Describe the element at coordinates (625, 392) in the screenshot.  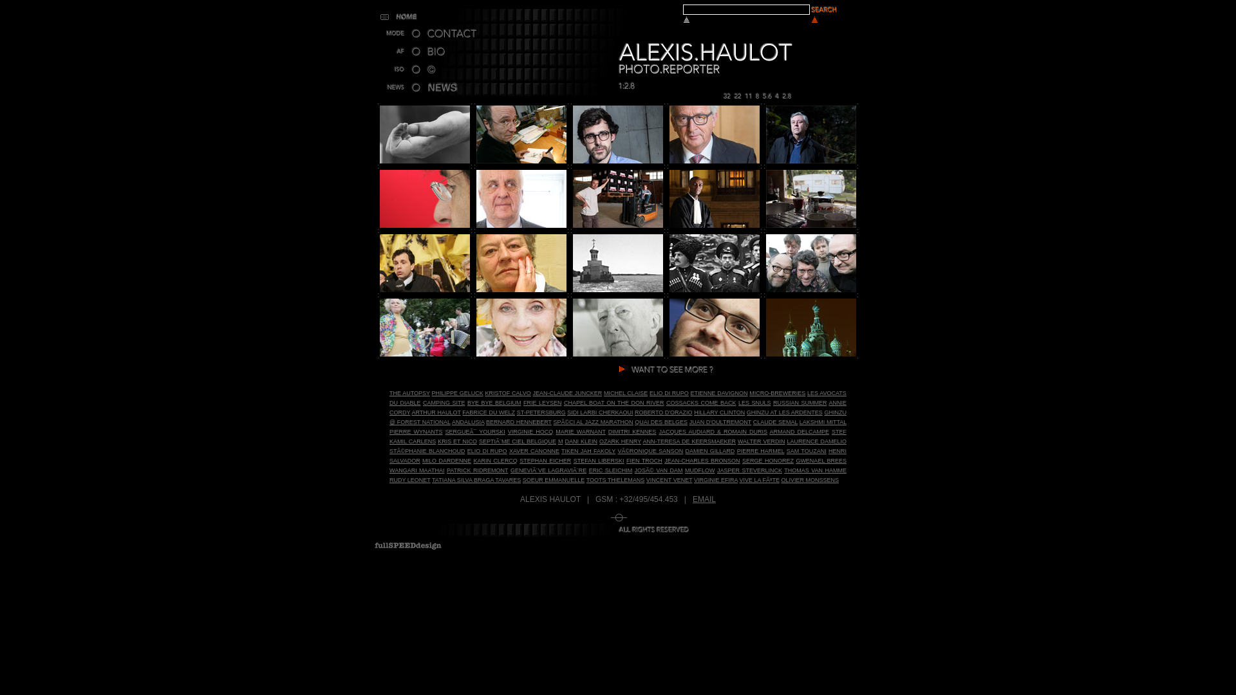
I see `'MICHEL CLAISE'` at that location.